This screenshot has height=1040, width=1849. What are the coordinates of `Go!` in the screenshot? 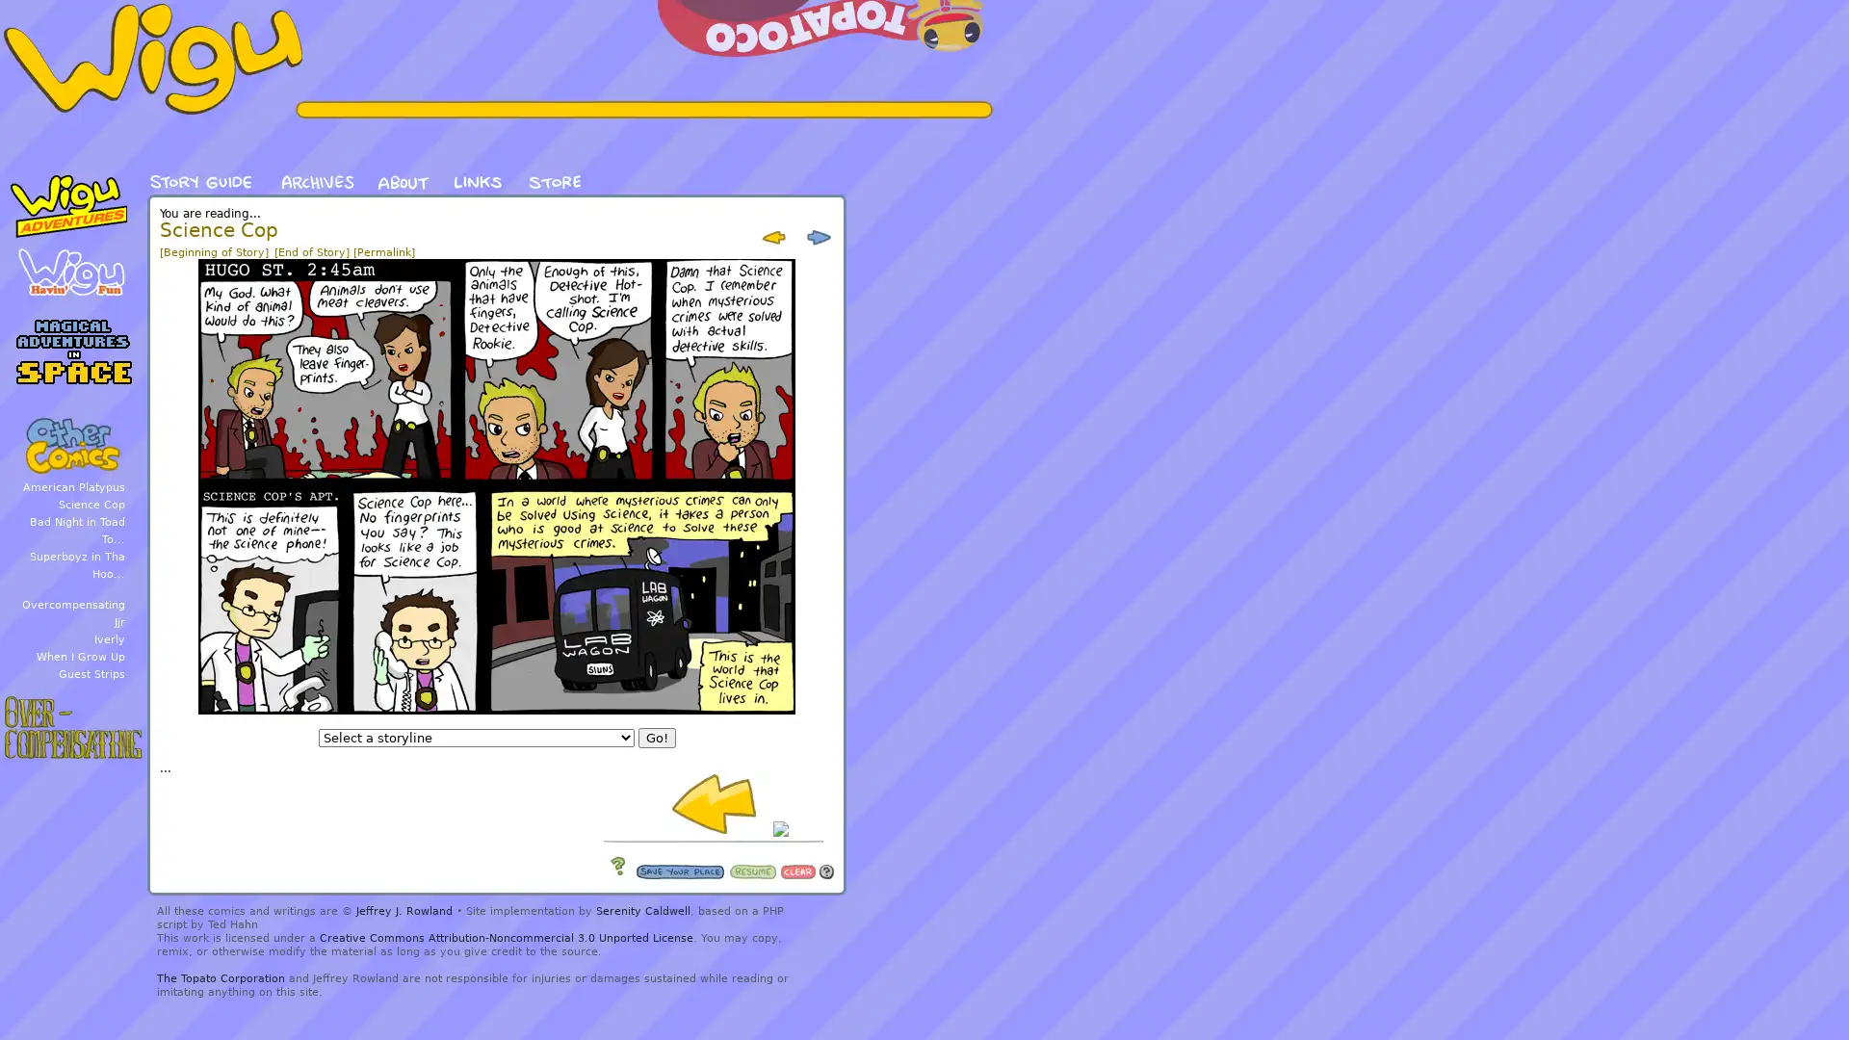 It's located at (656, 737).